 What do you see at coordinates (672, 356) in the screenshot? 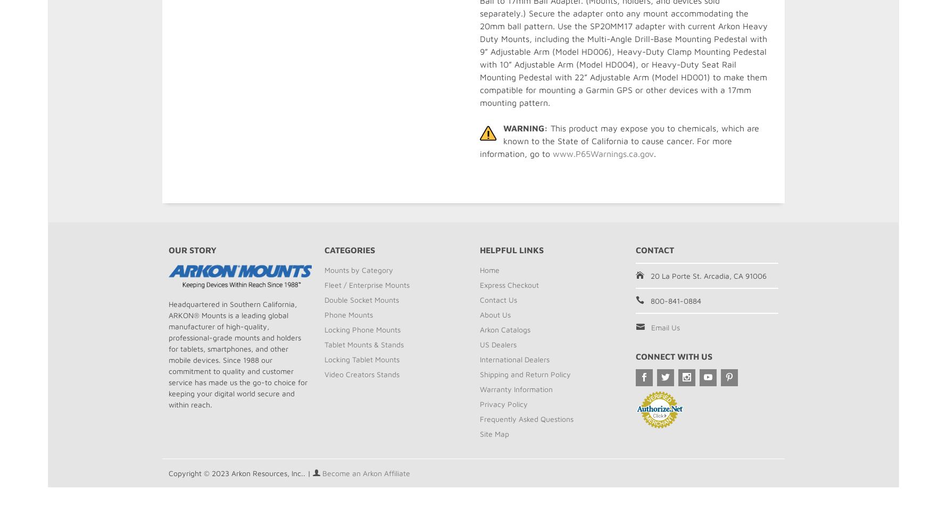
I see `'Connect With Us'` at bounding box center [672, 356].